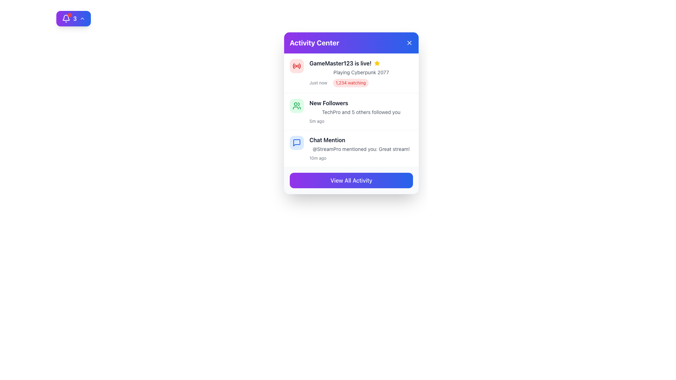 This screenshot has width=676, height=380. Describe the element at coordinates (361, 63) in the screenshot. I see `the 'GameMaster123 is broadcasting live' notification text with icon located at the top of the 'Activity Center' section` at that location.